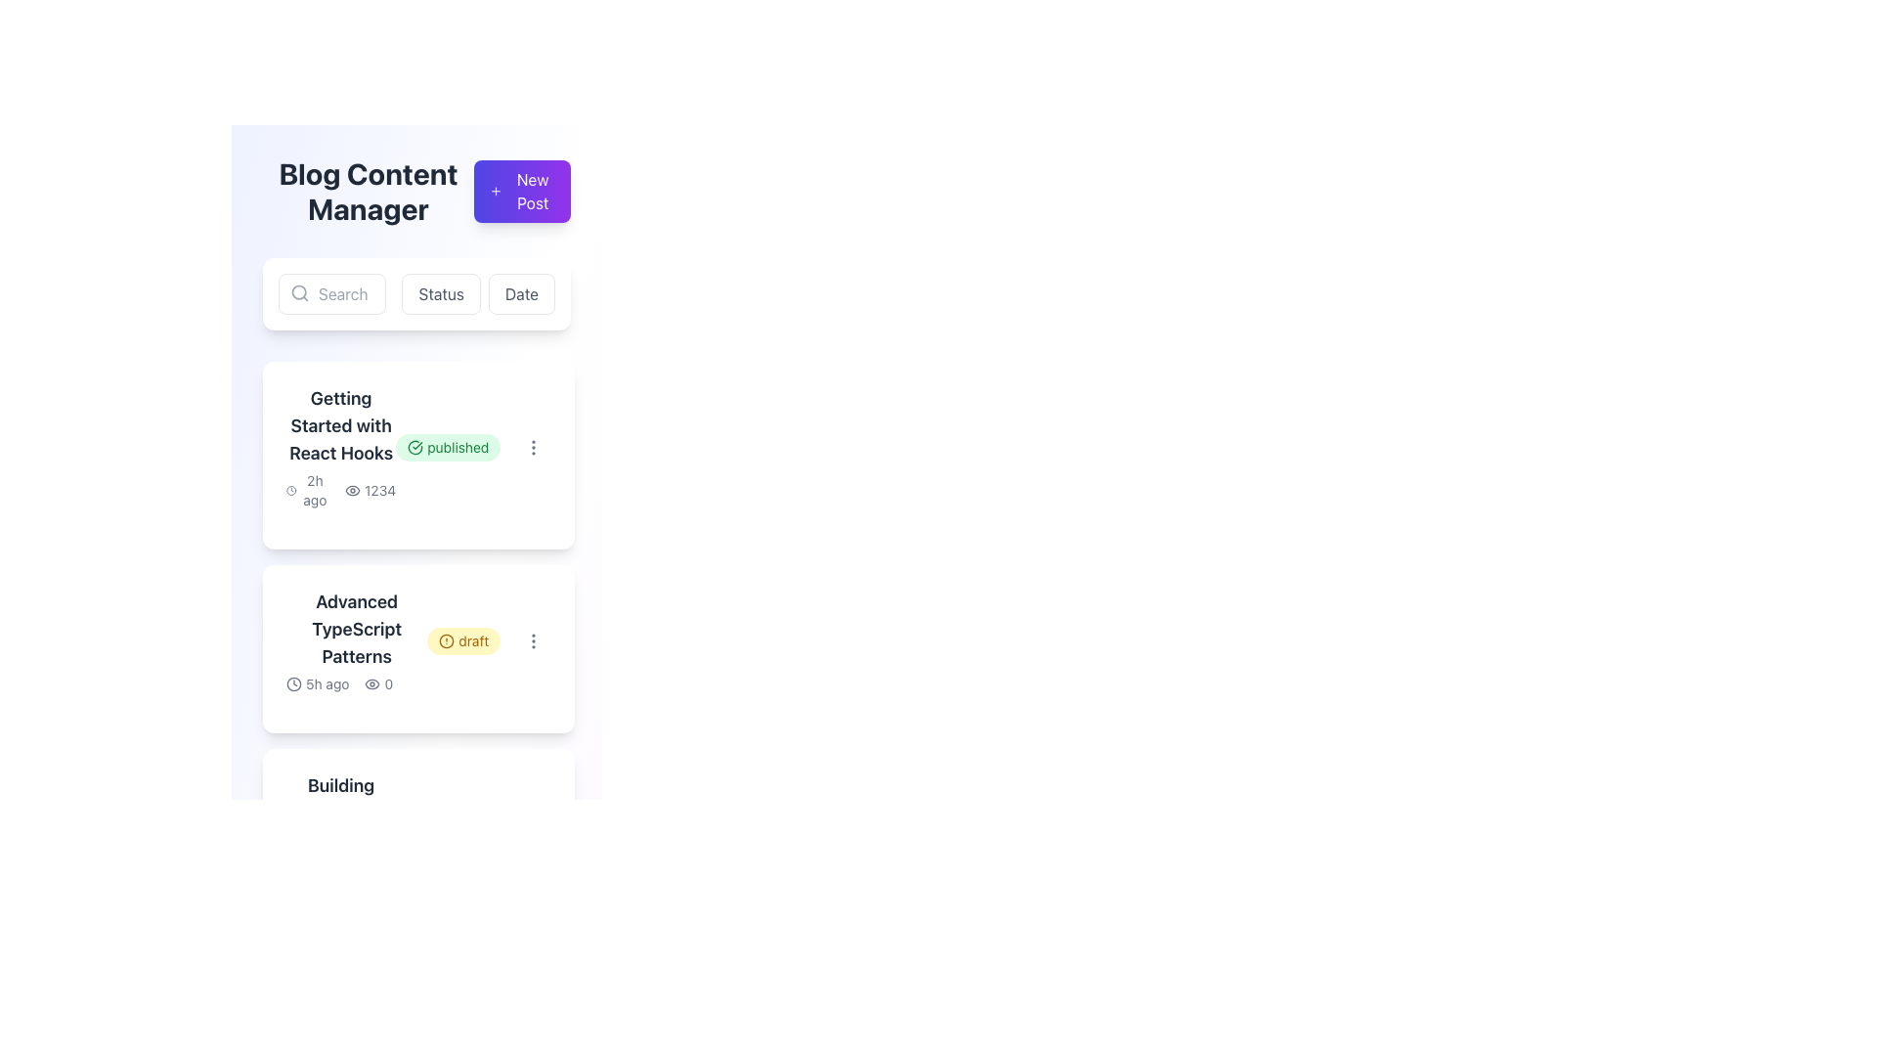 The width and height of the screenshot is (1877, 1056). I want to click on the text input field located under the 'Blog Content Manager' section, to the left of the 'Status' and 'Date' buttons, so click(332, 293).